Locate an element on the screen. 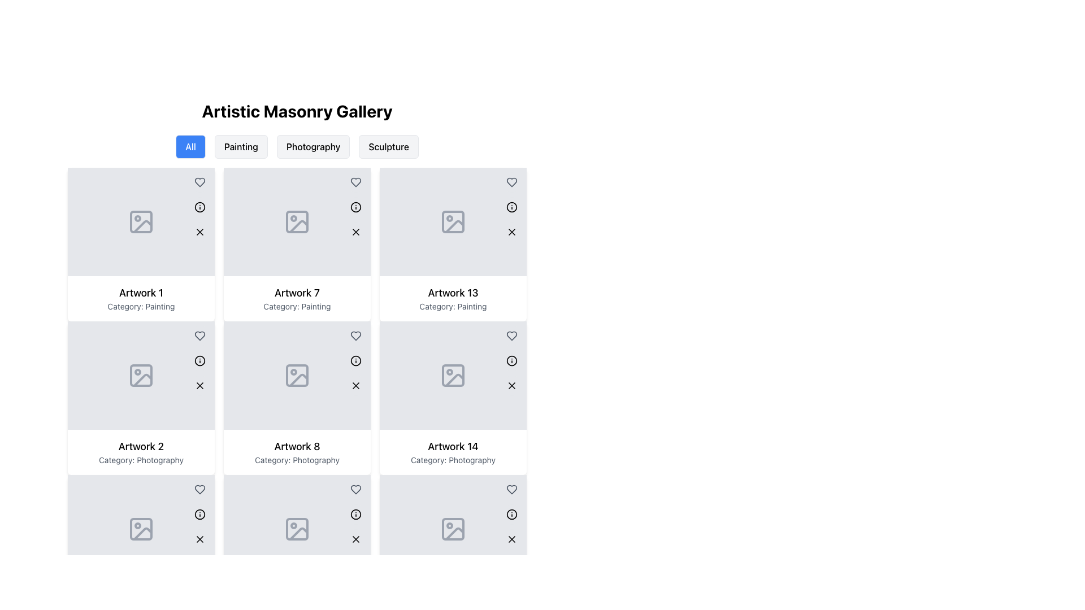 This screenshot has height=610, width=1085. text from the 'Artwork 1' label, which is a prominently styled title located at the top of a card component in the gallery display is located at coordinates (140, 293).